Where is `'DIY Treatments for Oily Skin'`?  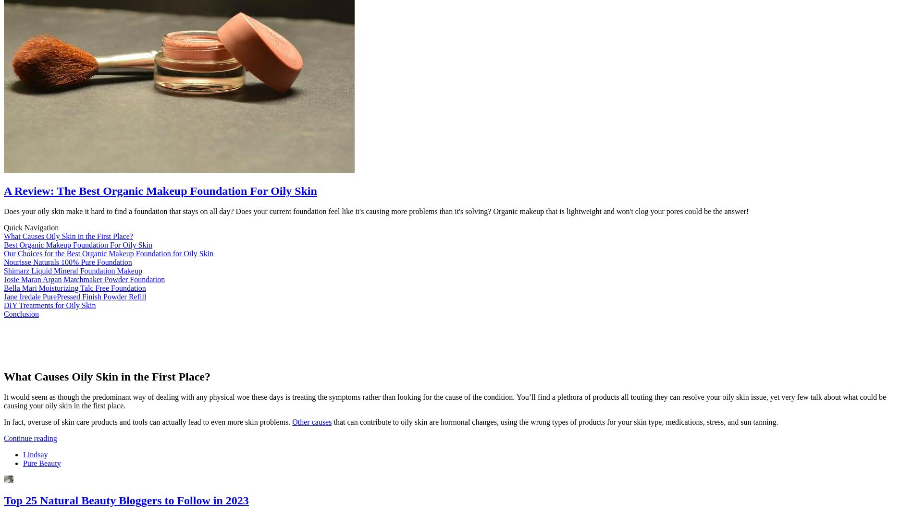 'DIY Treatments for Oily Skin' is located at coordinates (3, 305).